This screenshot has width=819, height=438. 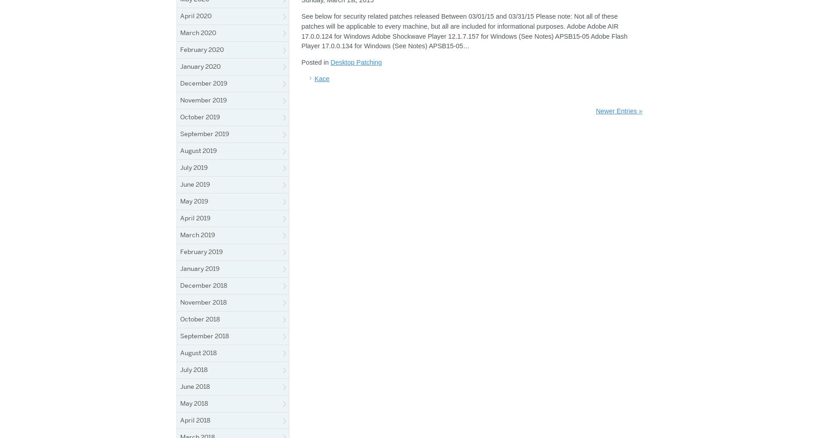 I want to click on 'Desktop Patching', so click(x=355, y=61).